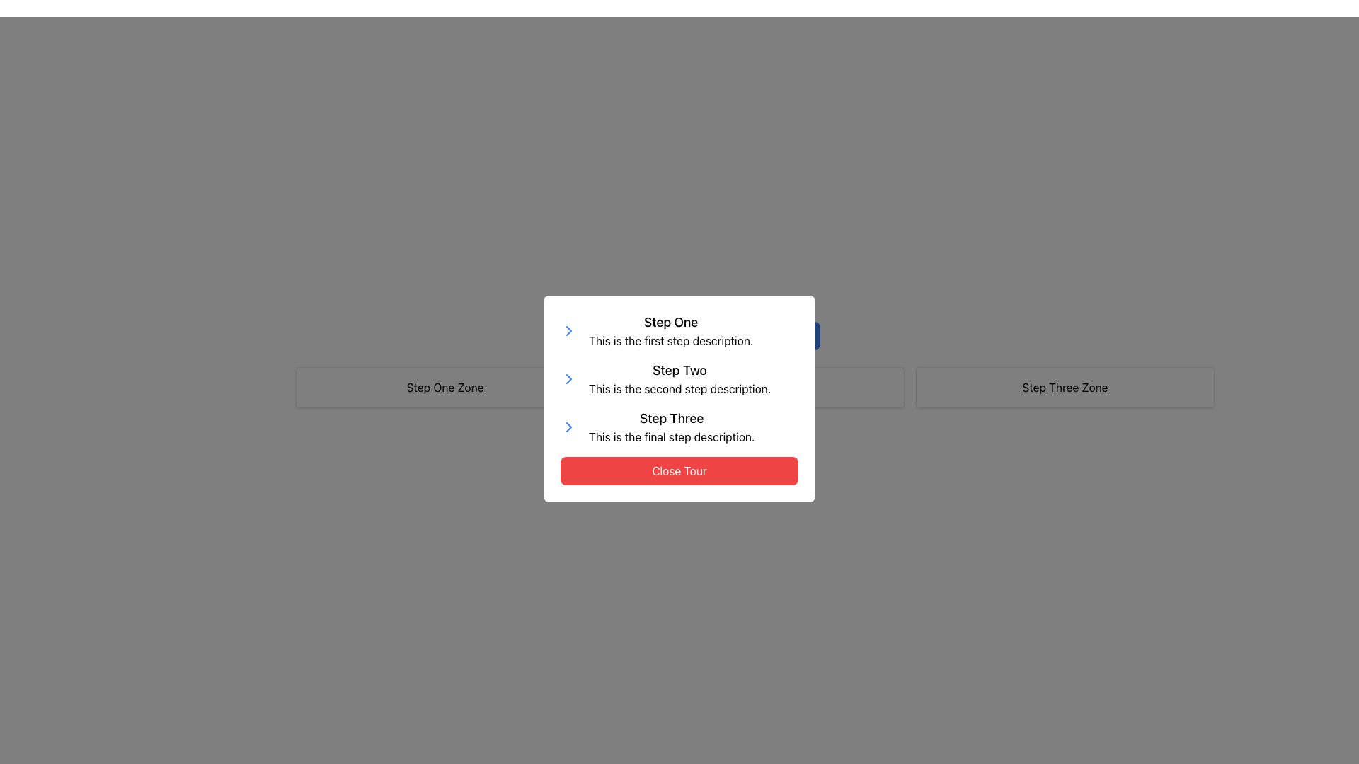  Describe the element at coordinates (679, 471) in the screenshot. I see `the 'Close Tour' button, which is a bright red rectangular button with rounded corners located at the bottom of the modal dialog box` at that location.